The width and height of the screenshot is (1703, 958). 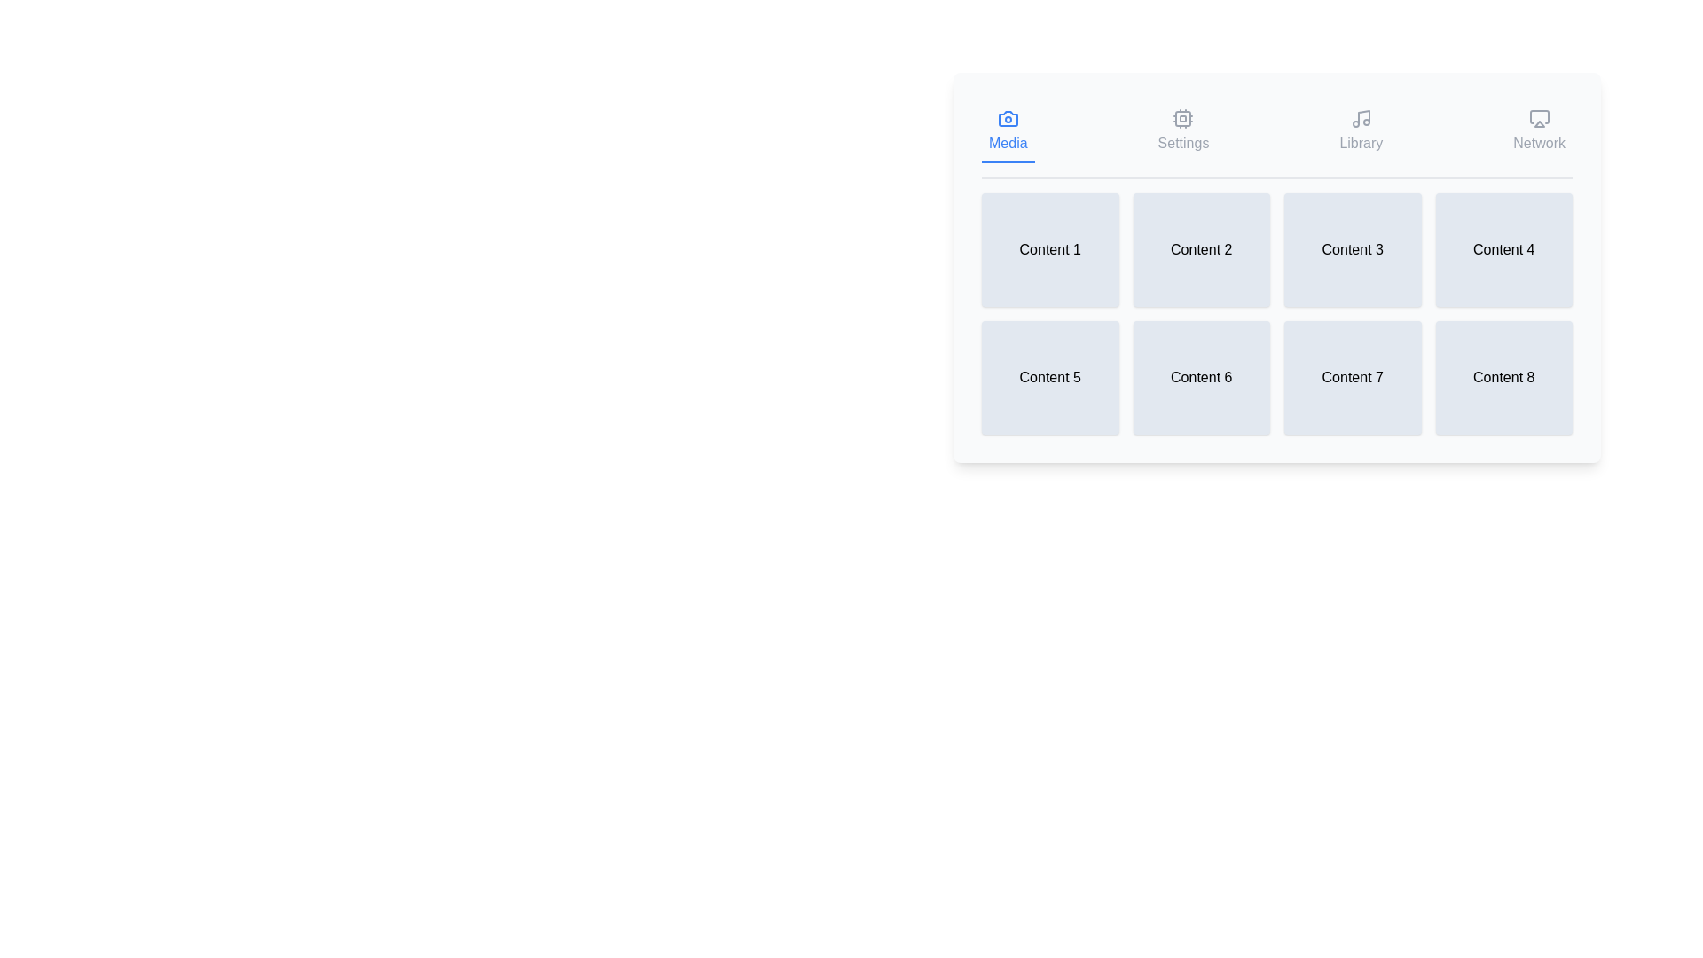 What do you see at coordinates (1360, 131) in the screenshot?
I see `the tab labeled Library` at bounding box center [1360, 131].